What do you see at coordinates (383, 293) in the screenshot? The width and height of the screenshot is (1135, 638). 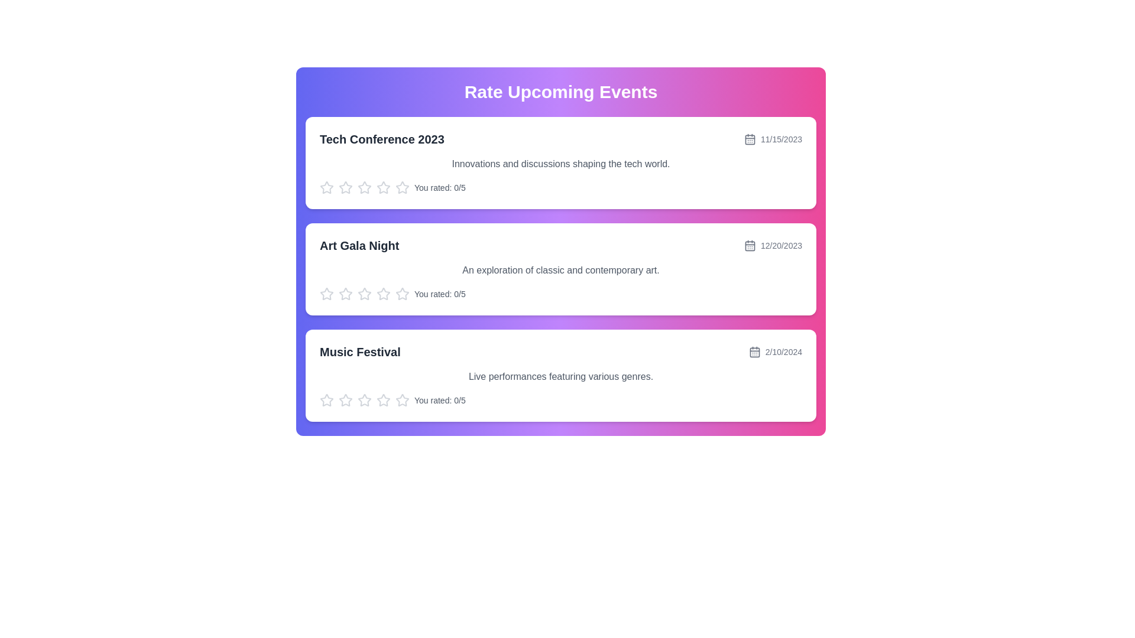 I see `the second star icon in the rating system for the 'Art Gala Night' event` at bounding box center [383, 293].